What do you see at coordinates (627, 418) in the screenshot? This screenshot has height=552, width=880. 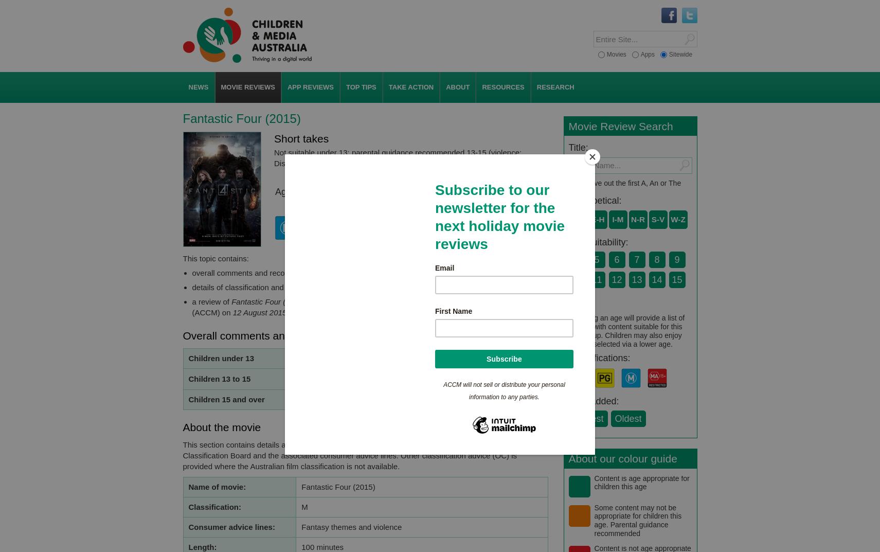 I see `'Oldest'` at bounding box center [627, 418].